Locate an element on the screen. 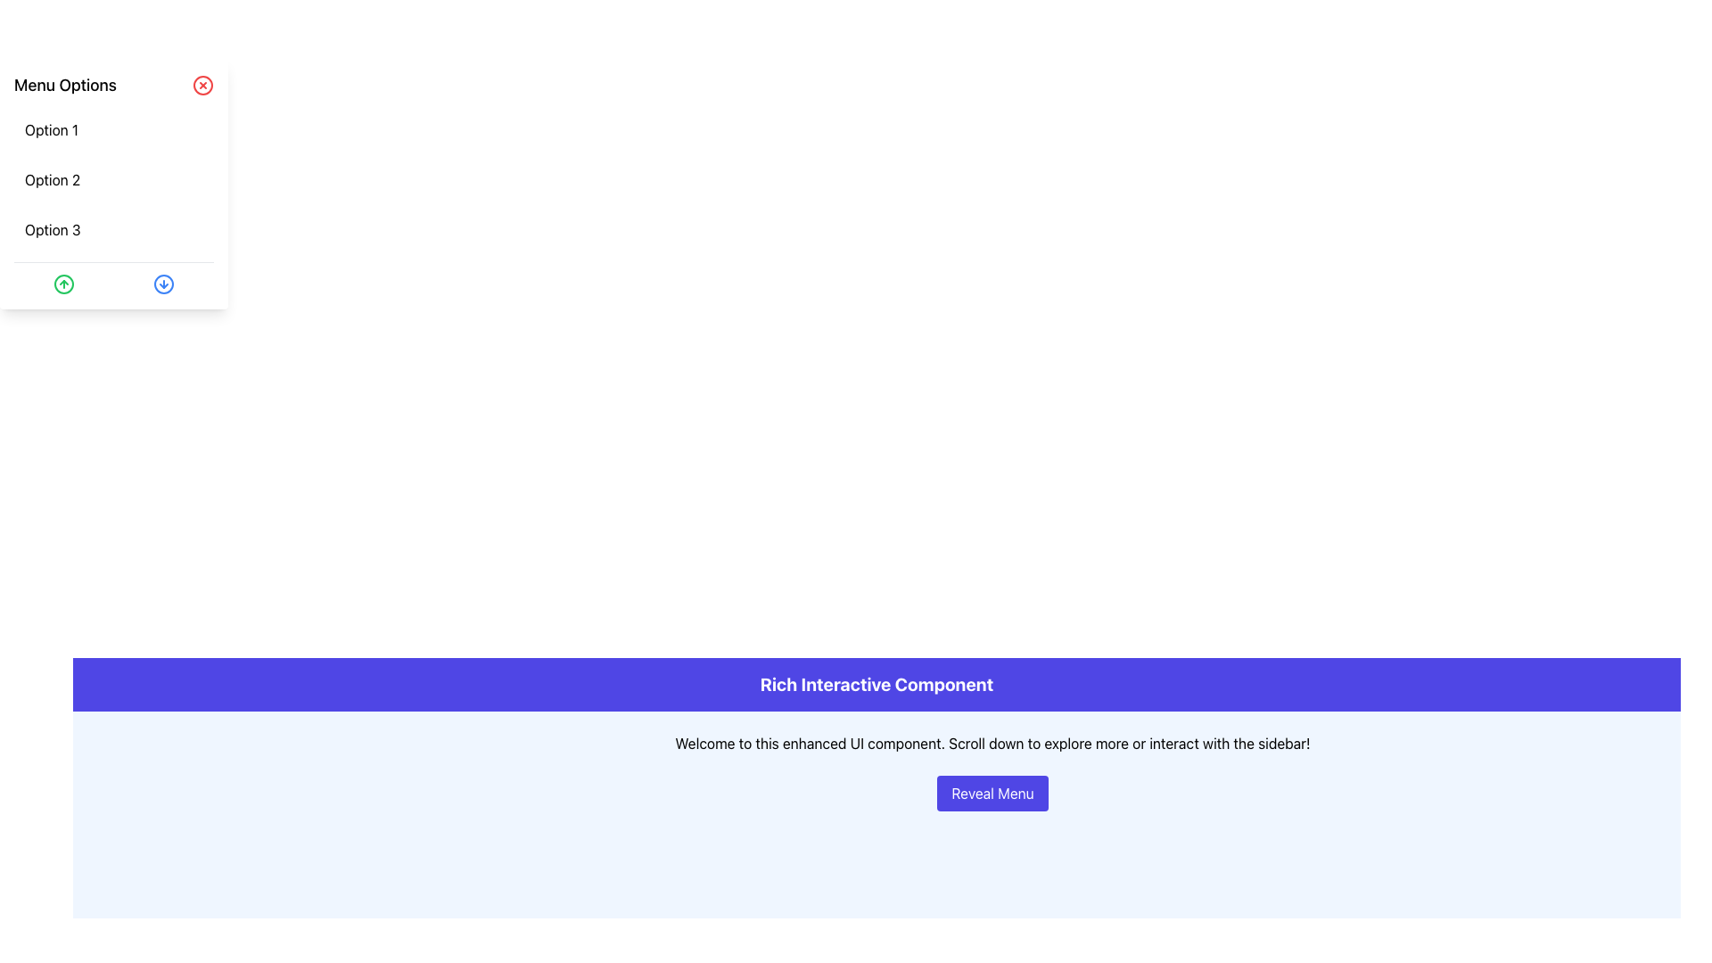  the circular blue button with a downward arrow icon located at the bottom of the menu card, which is the second icon to the right of a green upward arrow icon is located at coordinates (163, 284).